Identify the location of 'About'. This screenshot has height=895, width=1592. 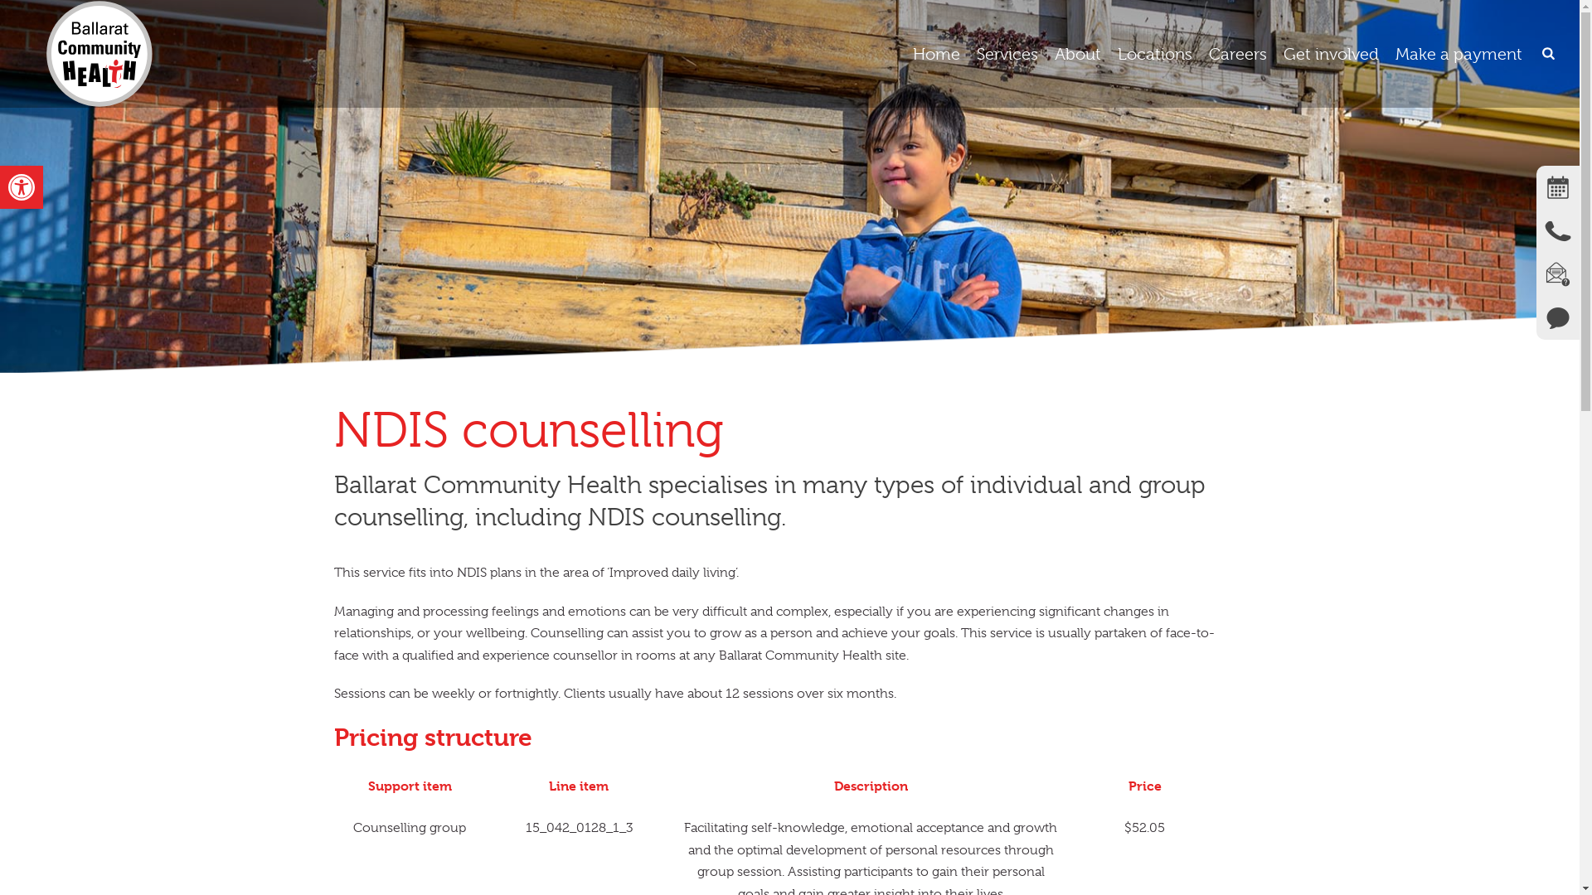
(1078, 53).